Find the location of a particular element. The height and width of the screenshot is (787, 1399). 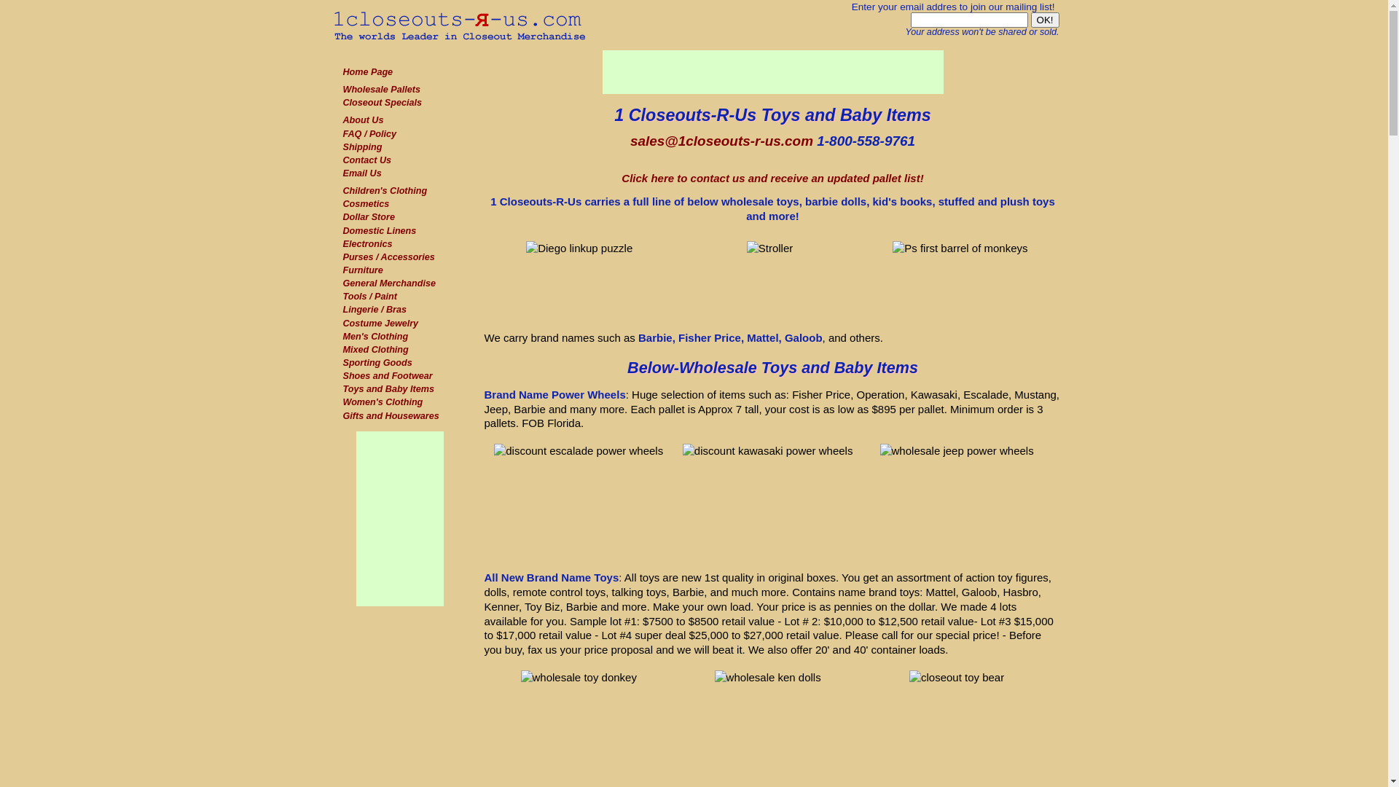

'Email Us' is located at coordinates (361, 173).